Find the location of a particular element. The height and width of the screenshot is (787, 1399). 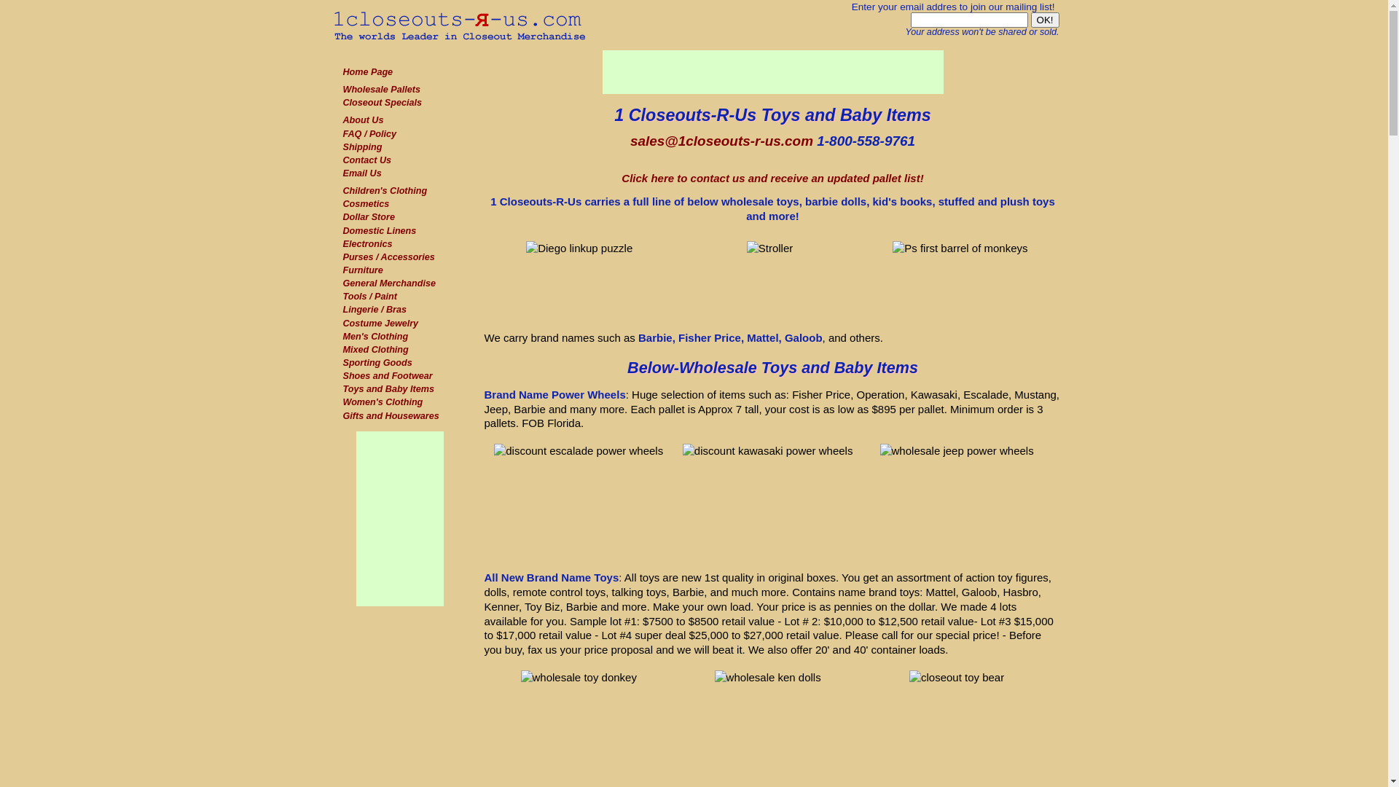

'Email Us' is located at coordinates (361, 173).